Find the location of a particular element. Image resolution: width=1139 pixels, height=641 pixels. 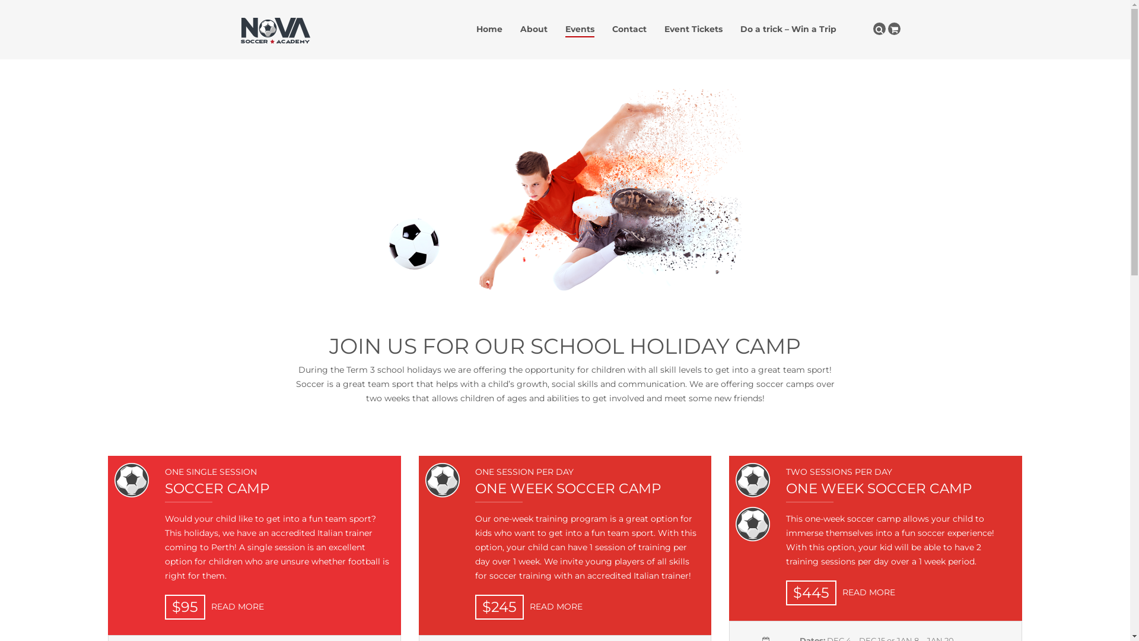

'Contact' is located at coordinates (612, 28).